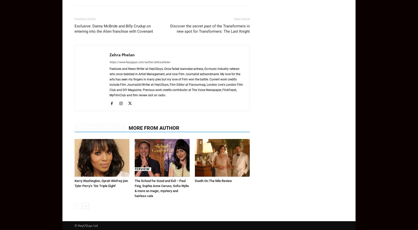  I want to click on 'Next article', so click(234, 19).